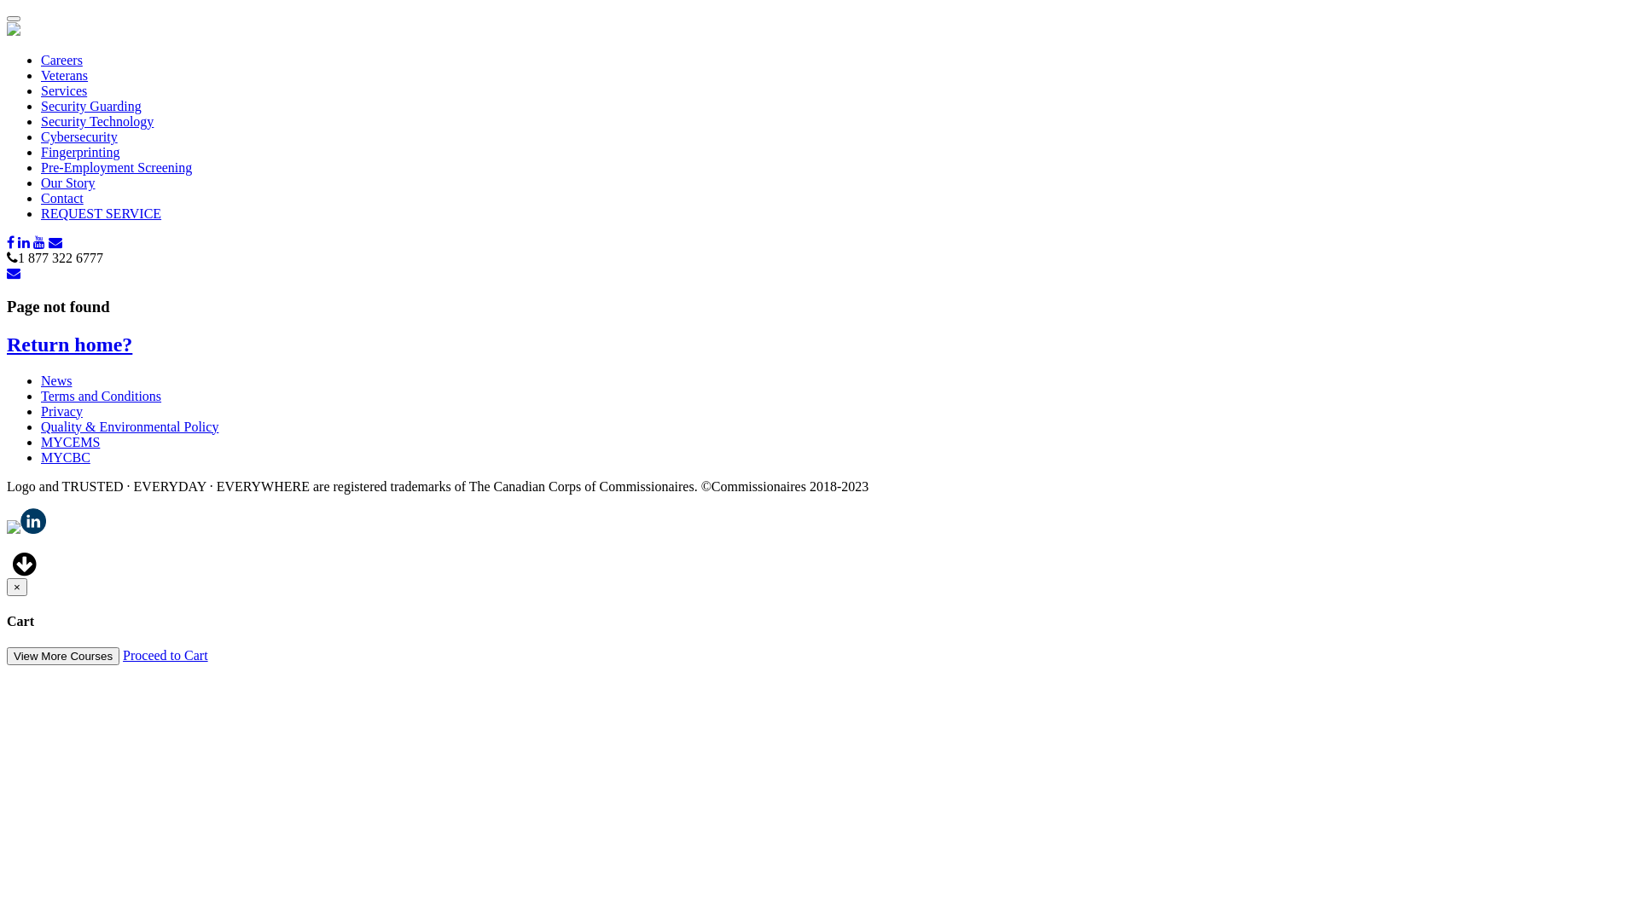  What do you see at coordinates (100, 212) in the screenshot?
I see `'REQUEST SERVICE'` at bounding box center [100, 212].